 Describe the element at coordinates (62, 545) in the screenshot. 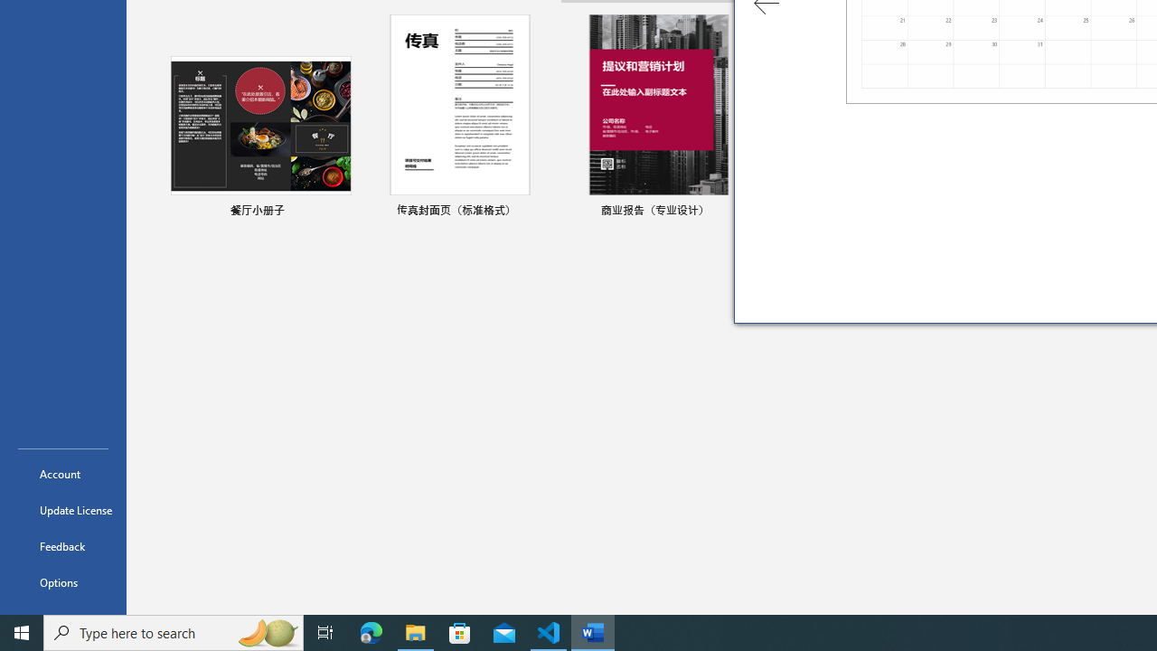

I see `'Feedback'` at that location.